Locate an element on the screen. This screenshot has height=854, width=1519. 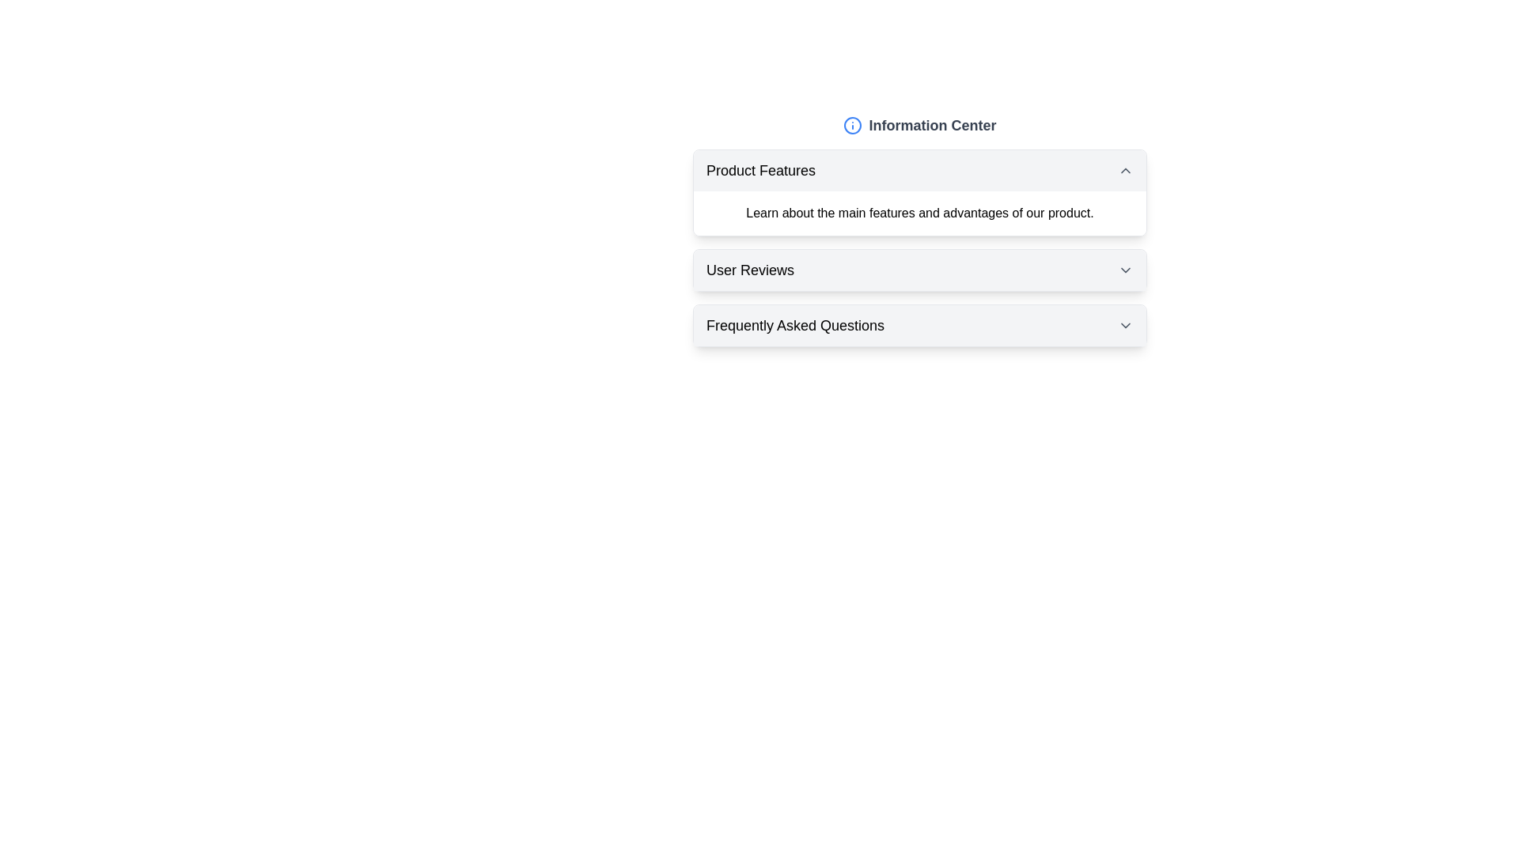
text snippet styled in gray that presents the phrase 'Learn about the main features and advantages of our product.' located within the expanded 'Product Features' section of the 'Information Center' interface is located at coordinates (919, 213).